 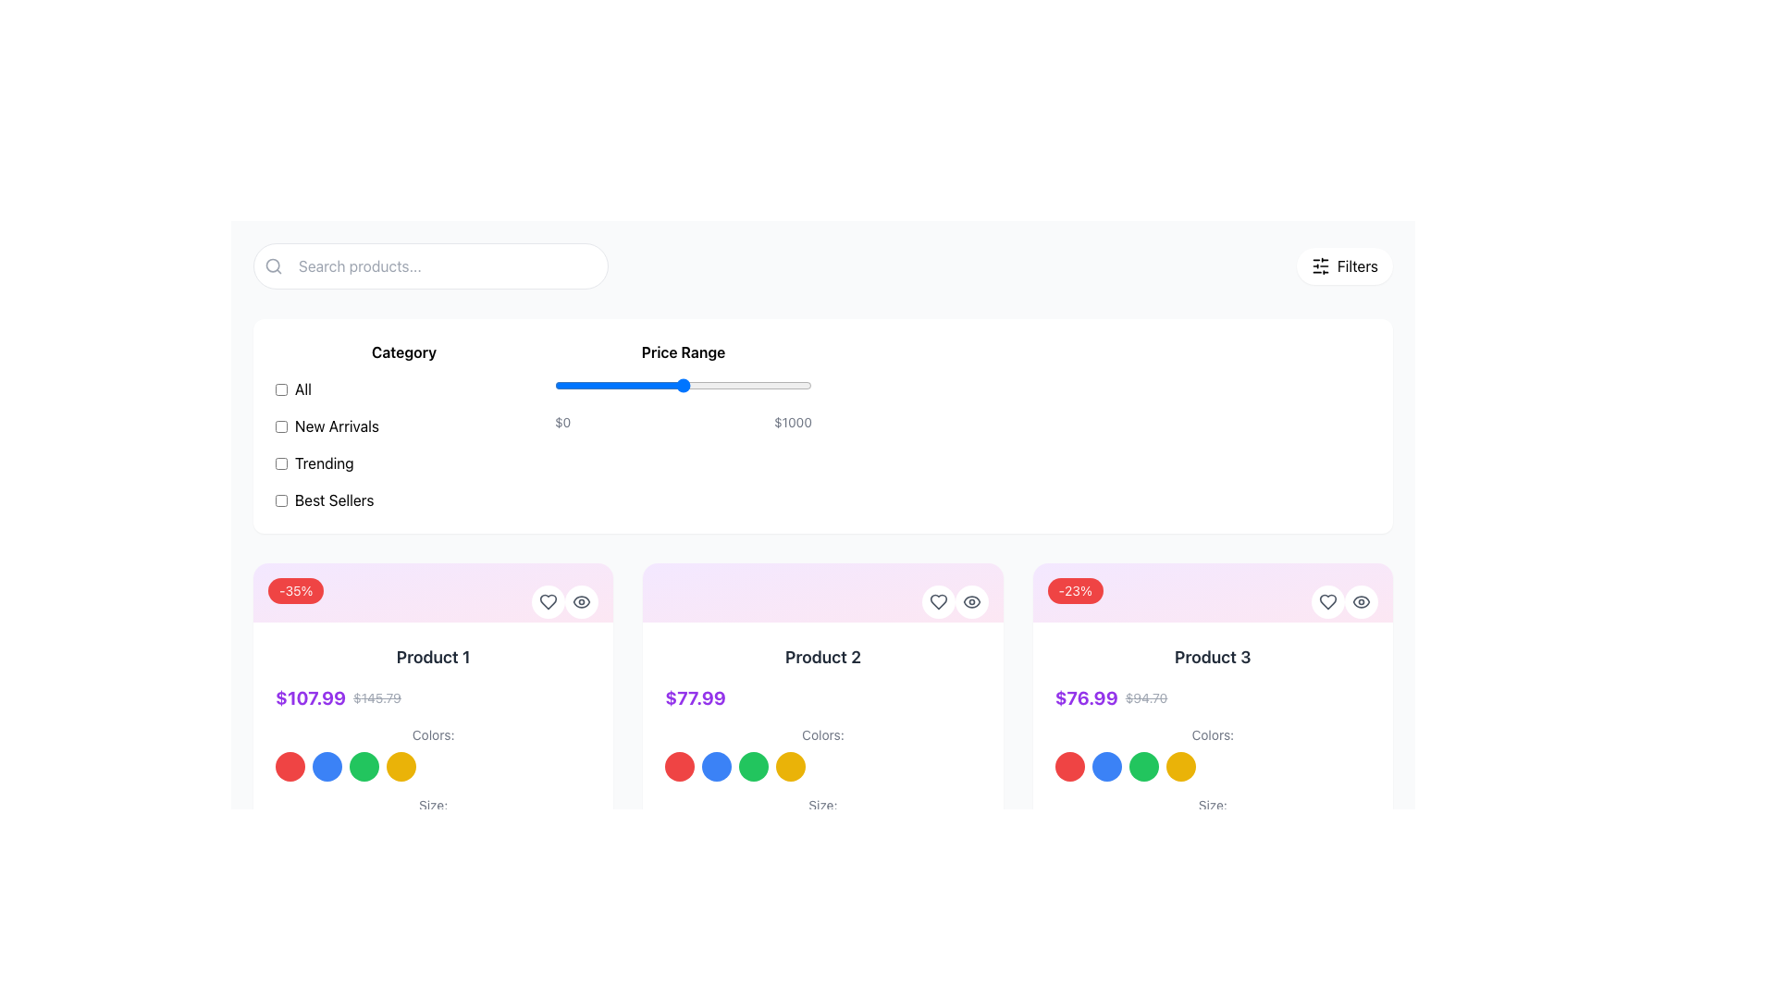 I want to click on the third circle representing the color green under 'Colors:' in the first product card on the left, so click(x=364, y=767).